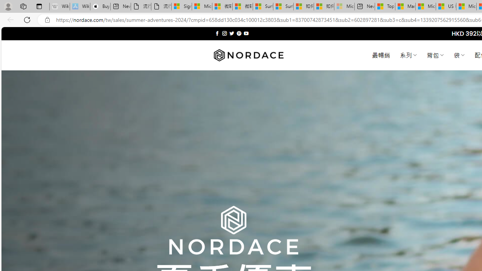 The height and width of the screenshot is (271, 482). Describe the element at coordinates (217, 33) in the screenshot. I see `'Follow on Facebook'` at that location.